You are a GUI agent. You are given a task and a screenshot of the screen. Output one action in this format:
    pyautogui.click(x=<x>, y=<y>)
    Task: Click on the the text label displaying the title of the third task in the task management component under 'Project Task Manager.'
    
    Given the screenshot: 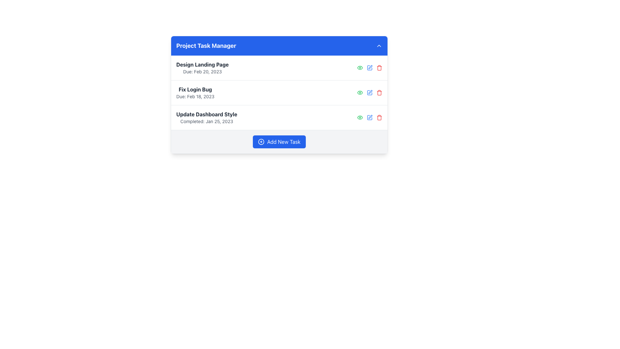 What is the action you would take?
    pyautogui.click(x=207, y=114)
    